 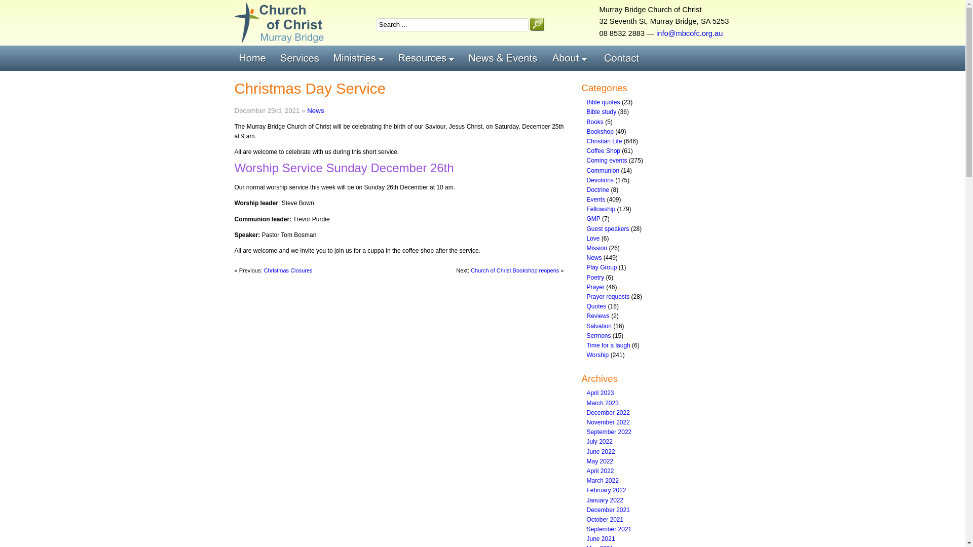 What do you see at coordinates (601, 208) in the screenshot?
I see `'Fellowship'` at bounding box center [601, 208].